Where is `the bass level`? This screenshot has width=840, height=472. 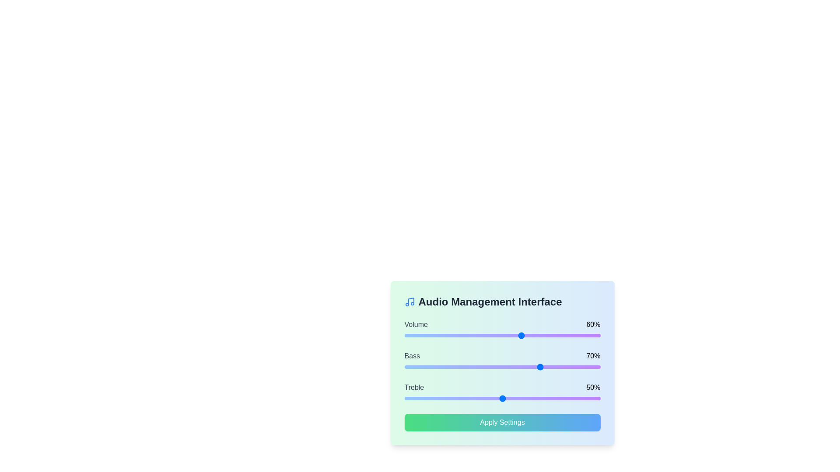
the bass level is located at coordinates (458, 367).